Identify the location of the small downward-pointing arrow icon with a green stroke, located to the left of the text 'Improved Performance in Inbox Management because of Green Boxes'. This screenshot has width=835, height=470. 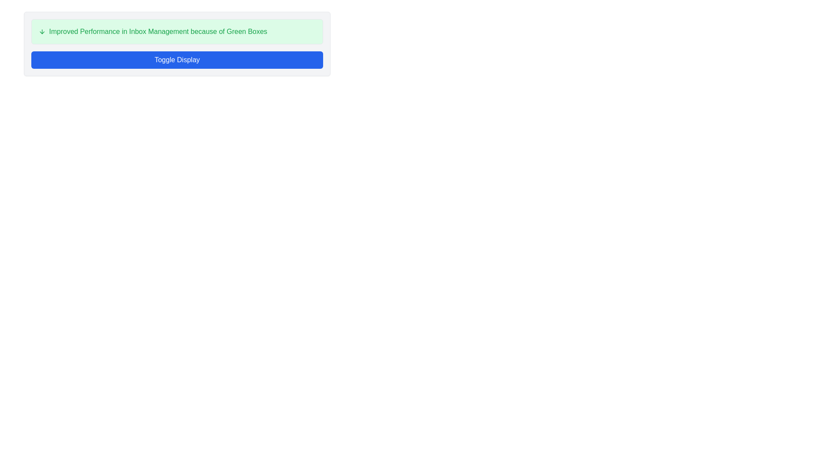
(41, 31).